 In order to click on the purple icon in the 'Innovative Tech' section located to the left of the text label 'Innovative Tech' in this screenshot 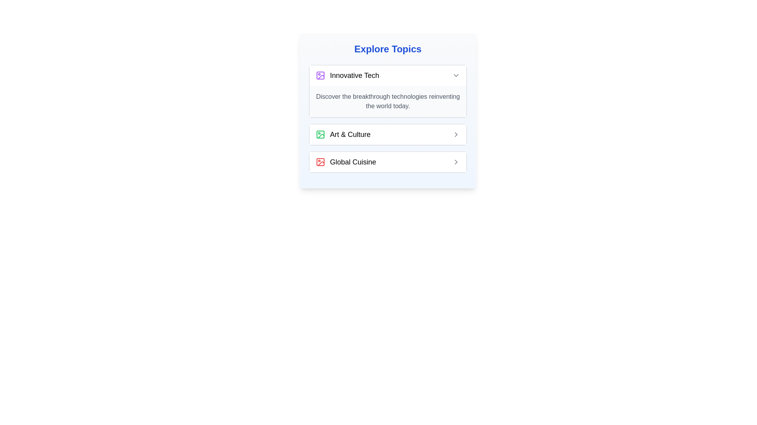, I will do `click(321, 77)`.